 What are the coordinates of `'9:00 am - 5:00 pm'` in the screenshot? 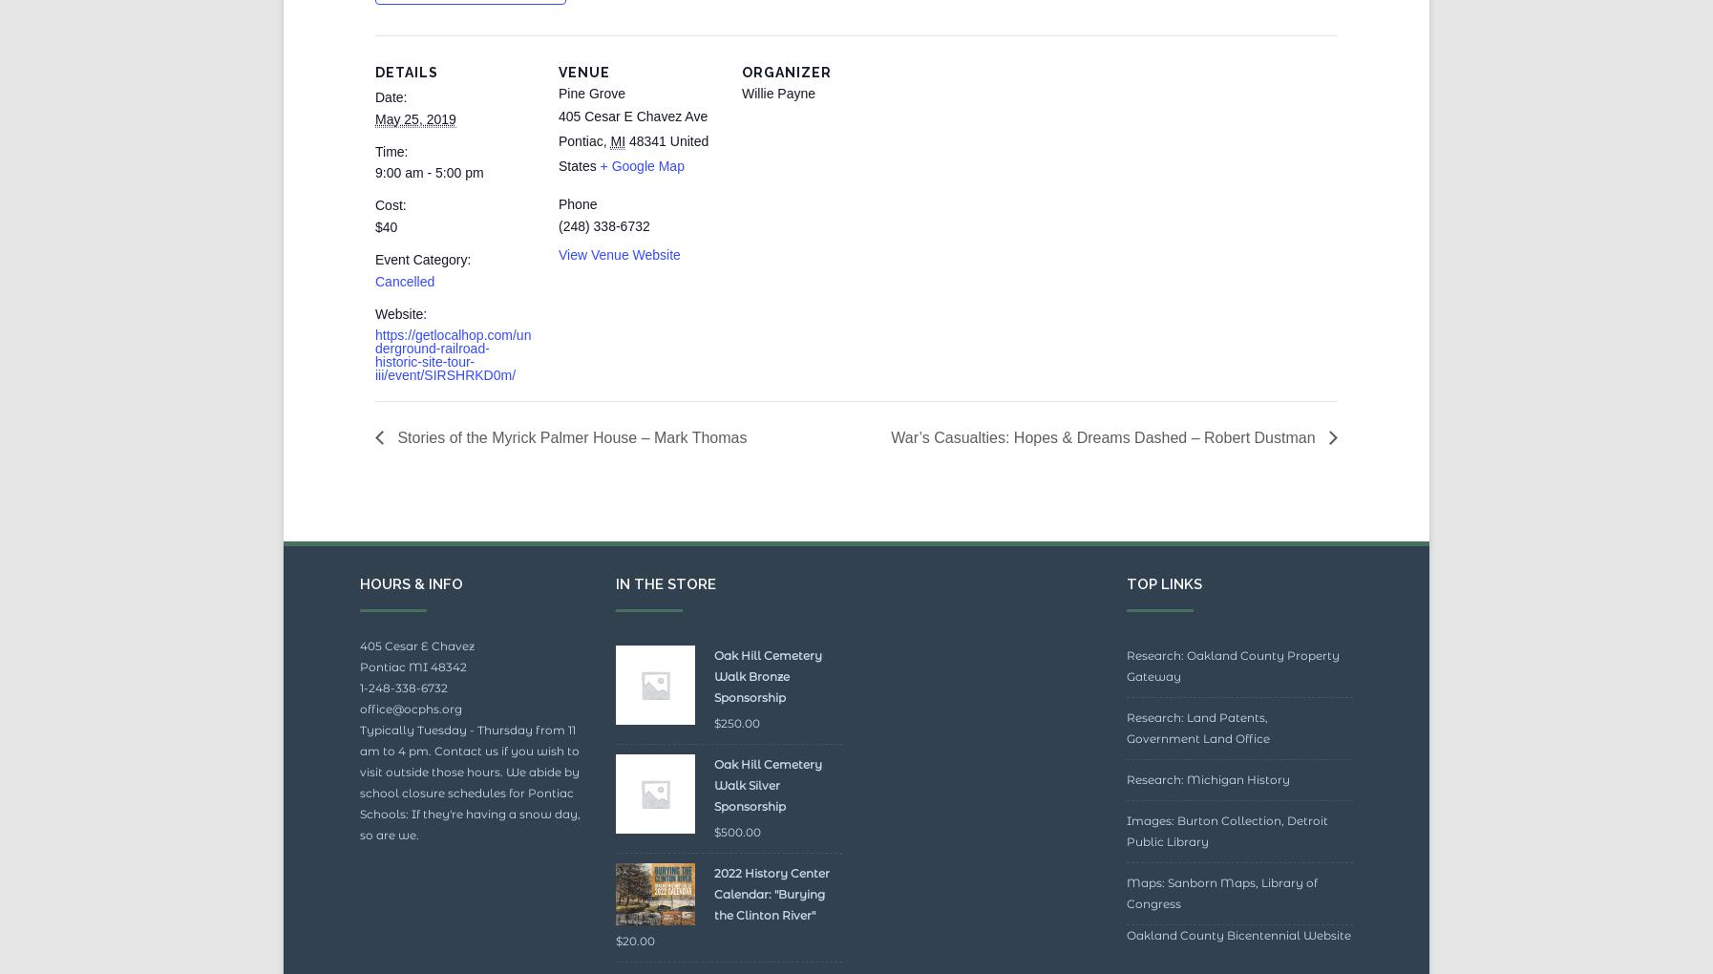 It's located at (428, 216).